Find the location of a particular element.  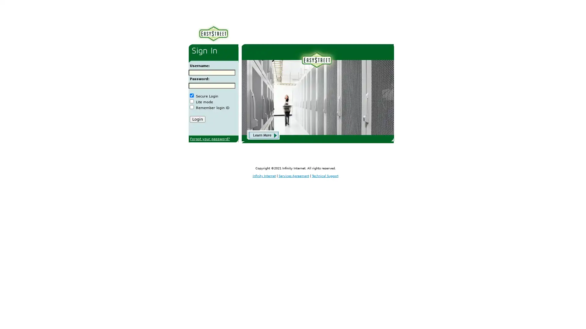

Login is located at coordinates (197, 119).